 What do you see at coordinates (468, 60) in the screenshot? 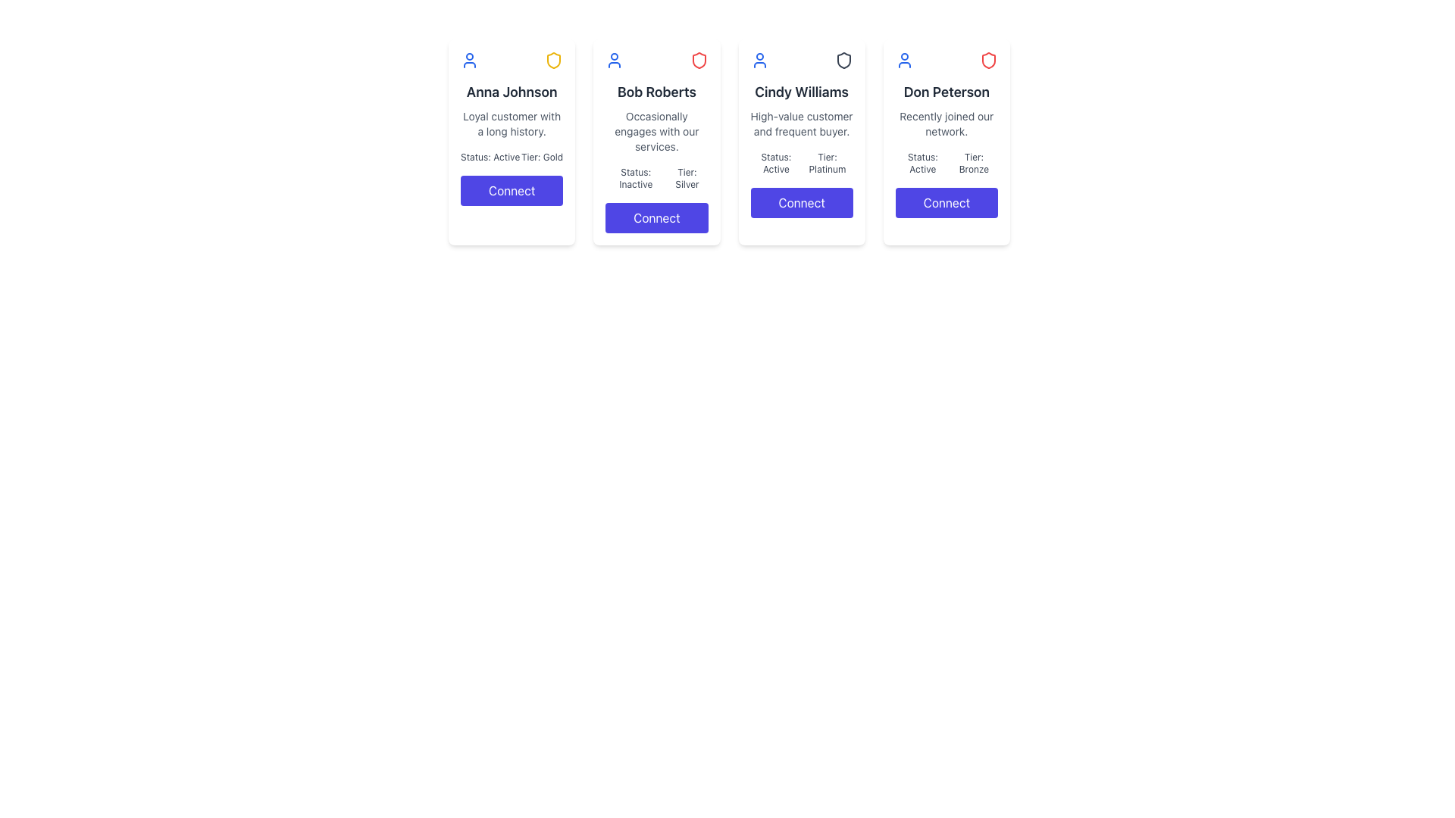
I see `the small blue outline user profile icon located at the top-left region of the card for 'Anna Johnson'` at bounding box center [468, 60].